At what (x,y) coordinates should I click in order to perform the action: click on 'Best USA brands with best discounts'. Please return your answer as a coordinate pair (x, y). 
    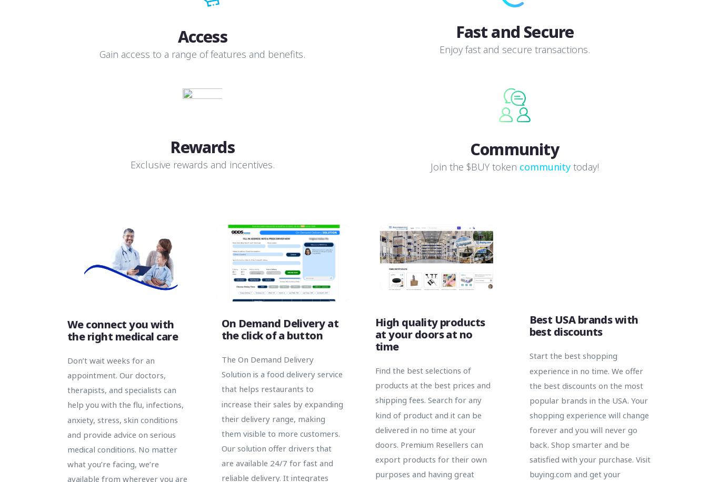
    Looking at the image, I should click on (583, 326).